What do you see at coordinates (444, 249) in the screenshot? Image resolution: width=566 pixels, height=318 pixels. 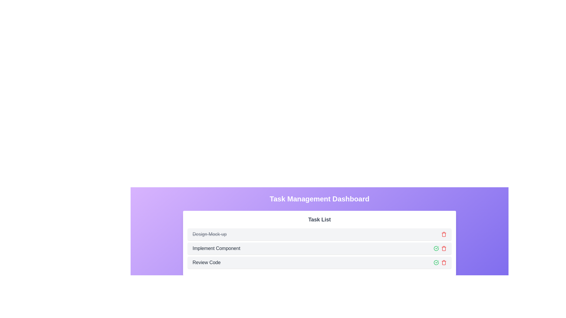 I see `the middle rectangular body of the trash can icon, which is part of a minimalist design with straight edges, located on the right side of each list item` at bounding box center [444, 249].